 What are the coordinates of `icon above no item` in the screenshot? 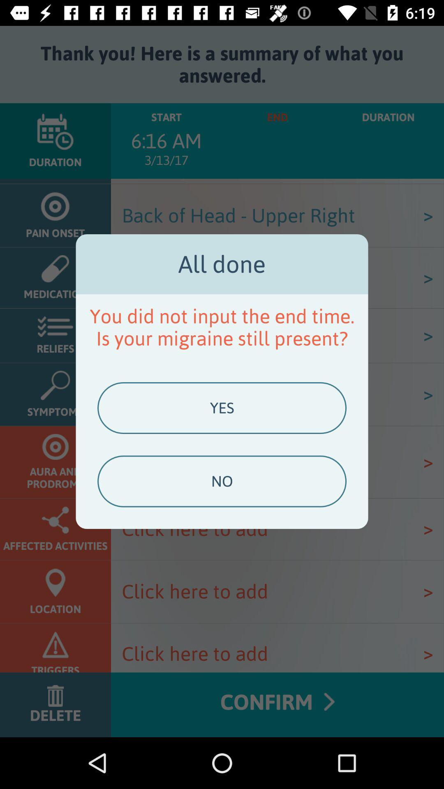 It's located at (222, 408).